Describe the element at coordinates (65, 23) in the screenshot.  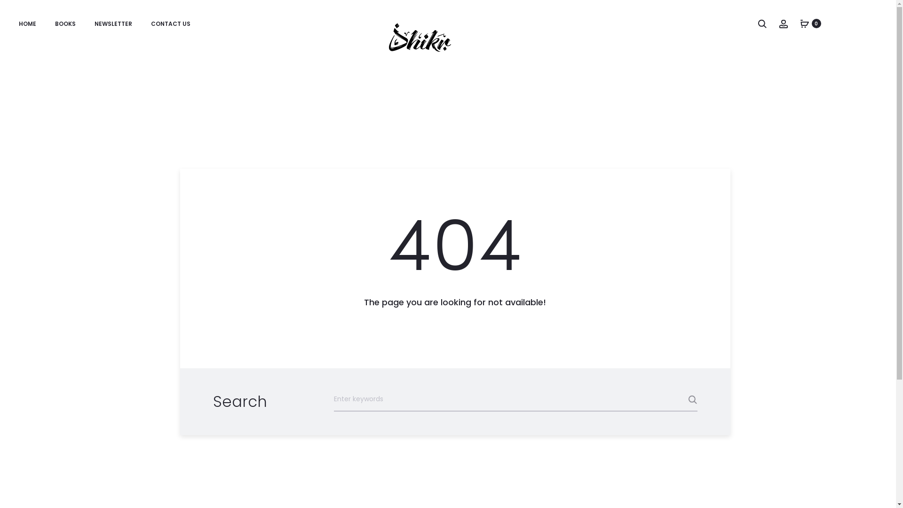
I see `'BOOKS'` at that location.